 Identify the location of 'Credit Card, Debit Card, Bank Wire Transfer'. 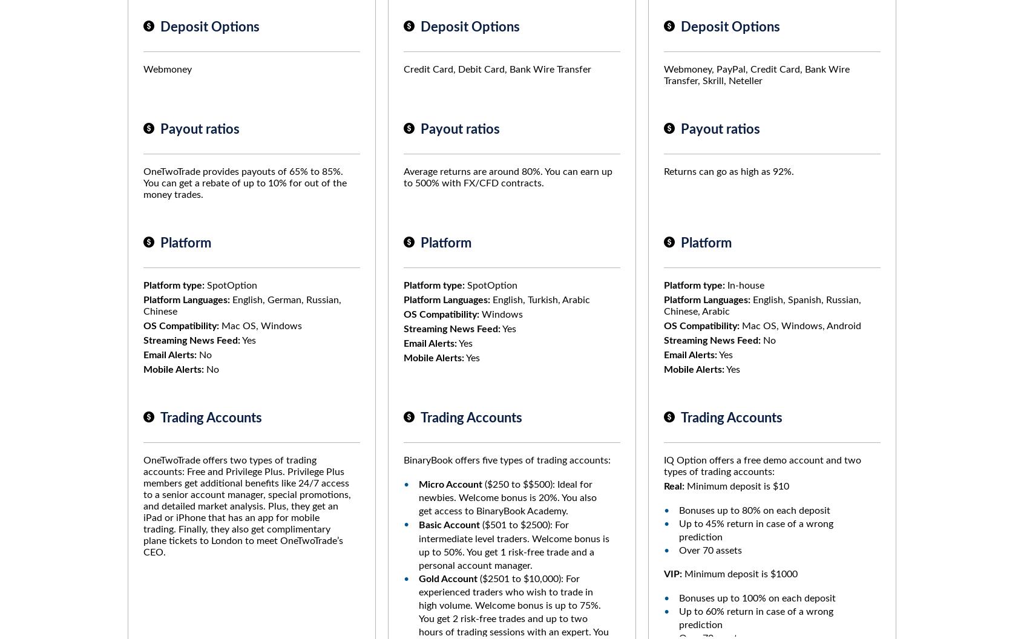
(403, 68).